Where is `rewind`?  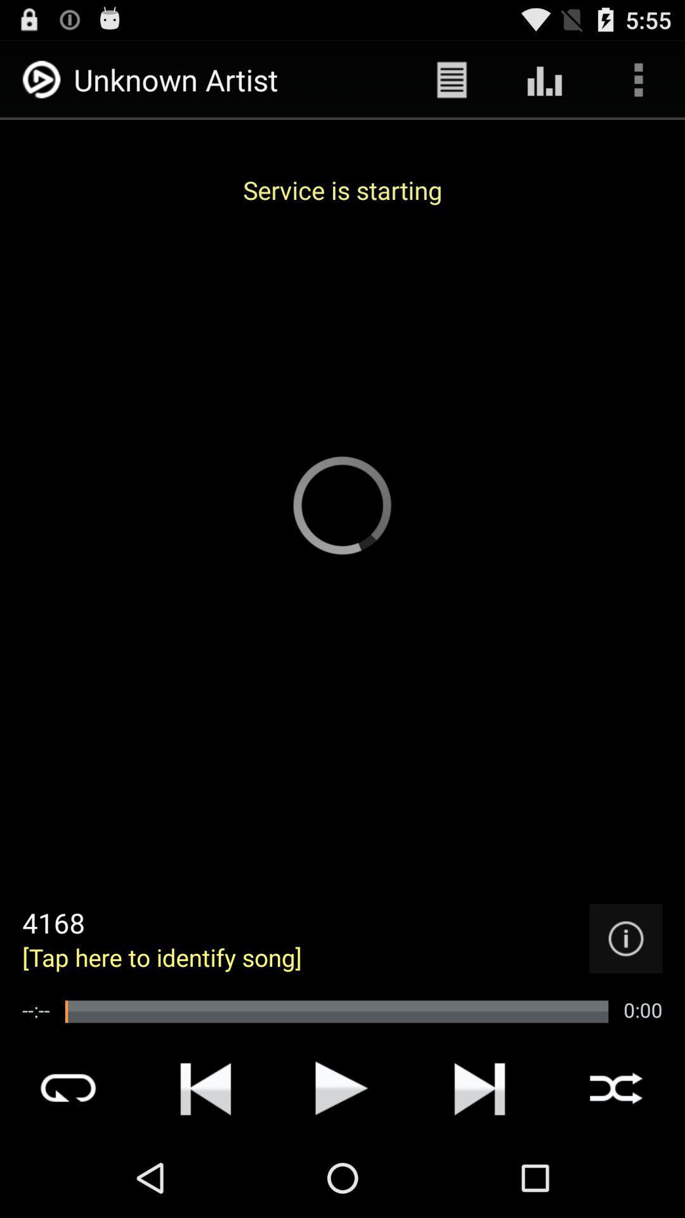 rewind is located at coordinates (205, 1087).